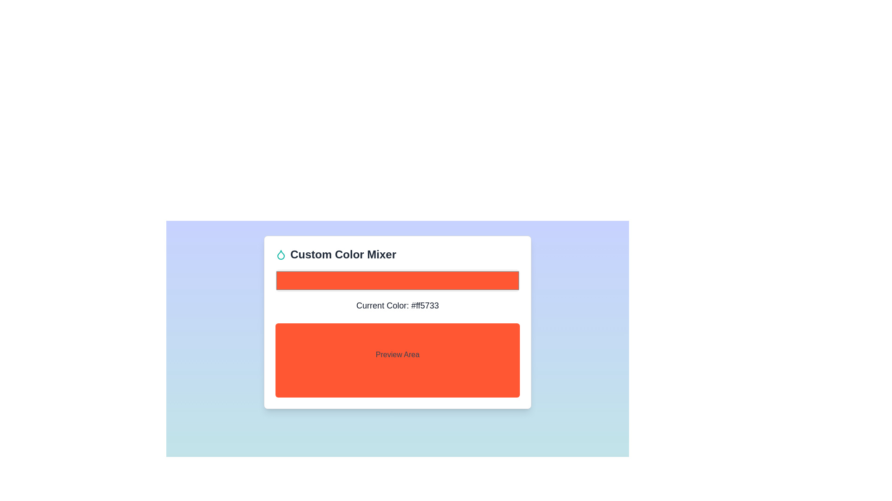 The width and height of the screenshot is (892, 501). What do you see at coordinates (280, 254) in the screenshot?
I see `the droplet icon located at the upper left corner of the 'Custom Color Mixer' component, which visually represents the color mixer functionality` at bounding box center [280, 254].